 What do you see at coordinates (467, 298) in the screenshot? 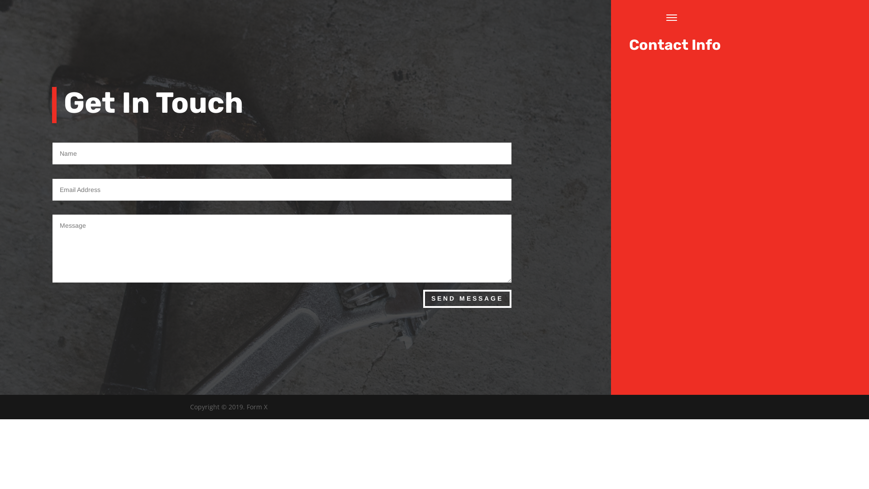
I see `'SEND MESSAGE'` at bounding box center [467, 298].